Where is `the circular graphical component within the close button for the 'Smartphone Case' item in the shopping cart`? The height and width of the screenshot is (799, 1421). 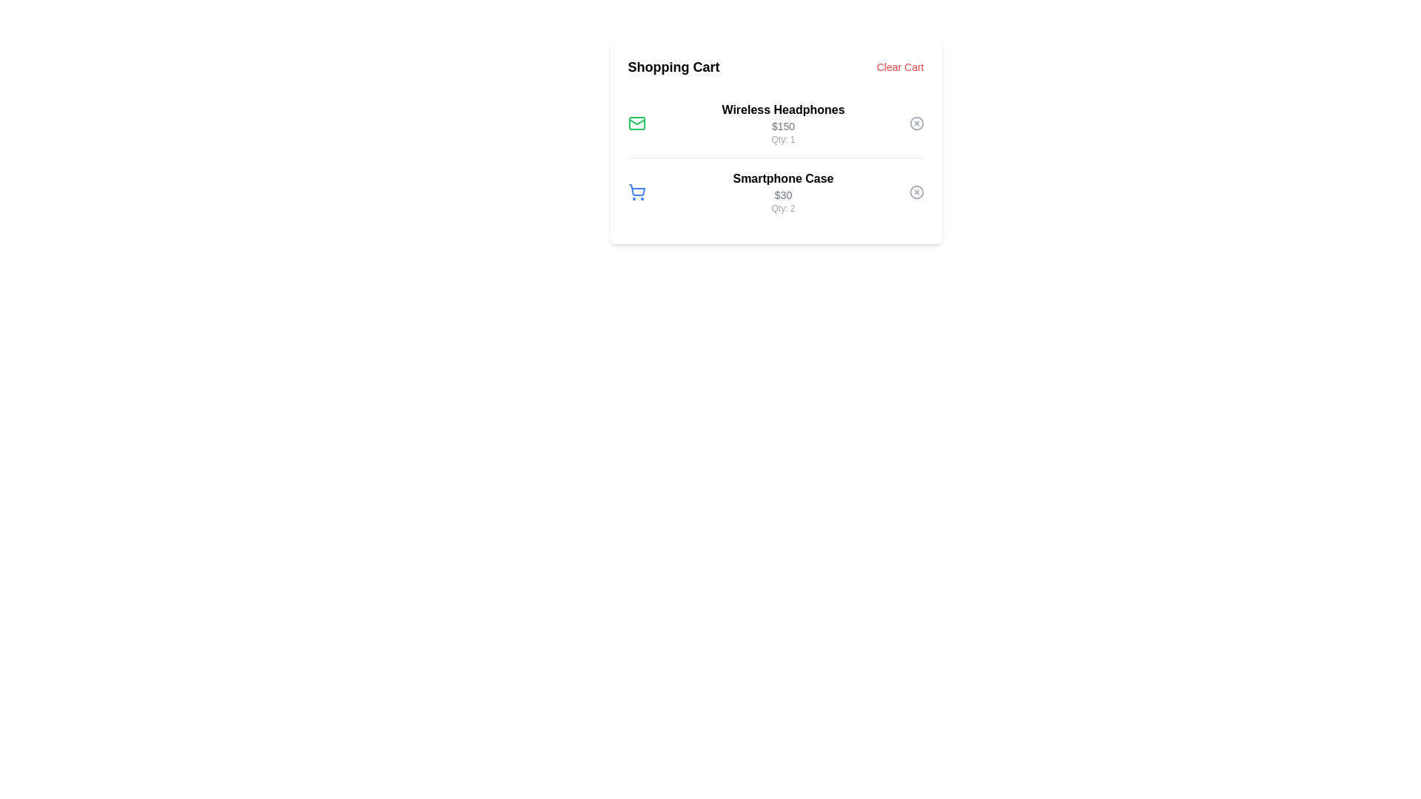
the circular graphical component within the close button for the 'Smartphone Case' item in the shopping cart is located at coordinates (916, 191).